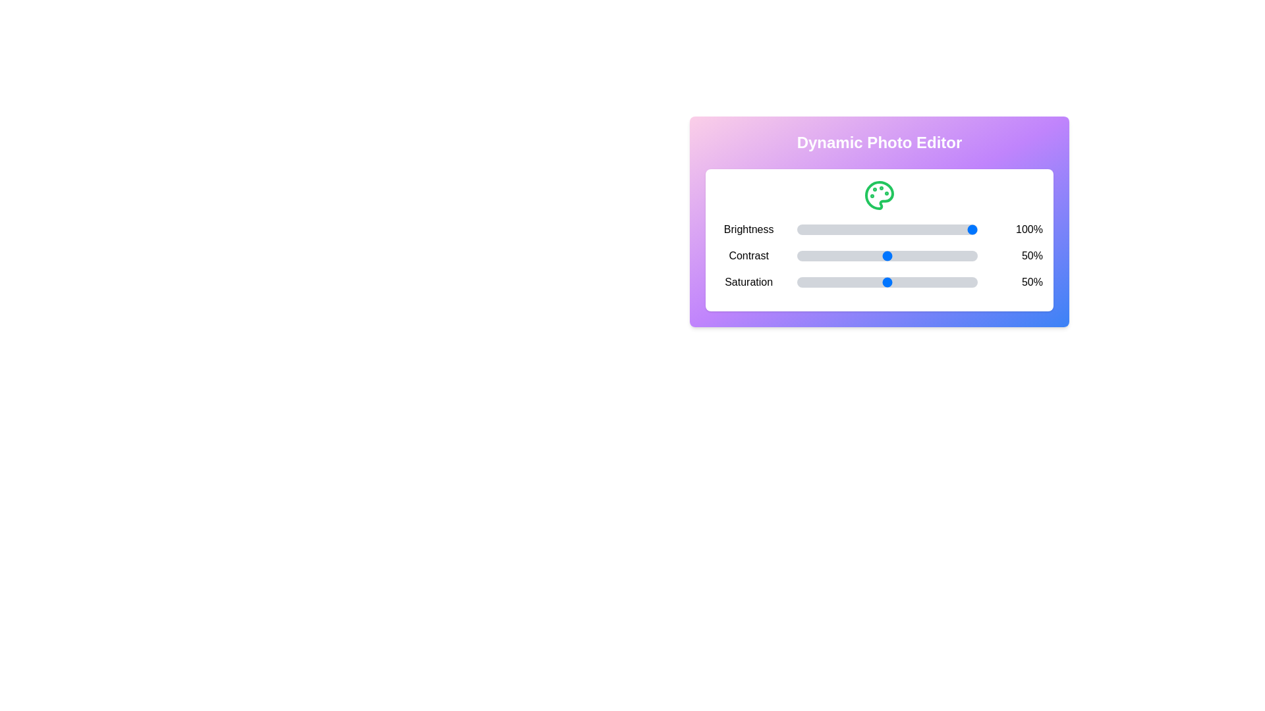 The image size is (1265, 711). Describe the element at coordinates (959, 228) in the screenshot. I see `the brightness slider to 90%` at that location.